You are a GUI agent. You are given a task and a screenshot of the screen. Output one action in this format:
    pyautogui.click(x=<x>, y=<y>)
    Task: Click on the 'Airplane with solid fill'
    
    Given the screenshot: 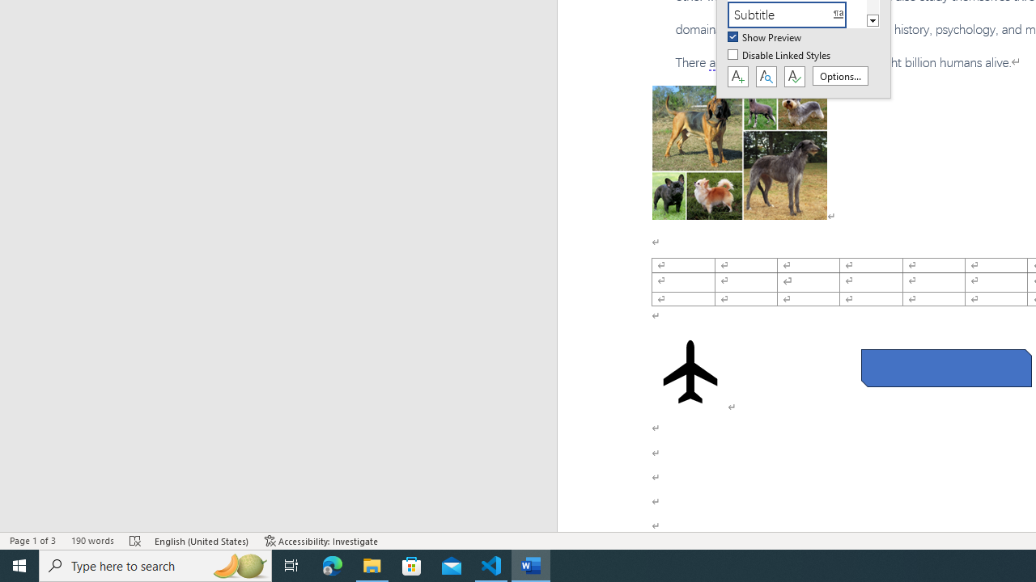 What is the action you would take?
    pyautogui.click(x=690, y=372)
    